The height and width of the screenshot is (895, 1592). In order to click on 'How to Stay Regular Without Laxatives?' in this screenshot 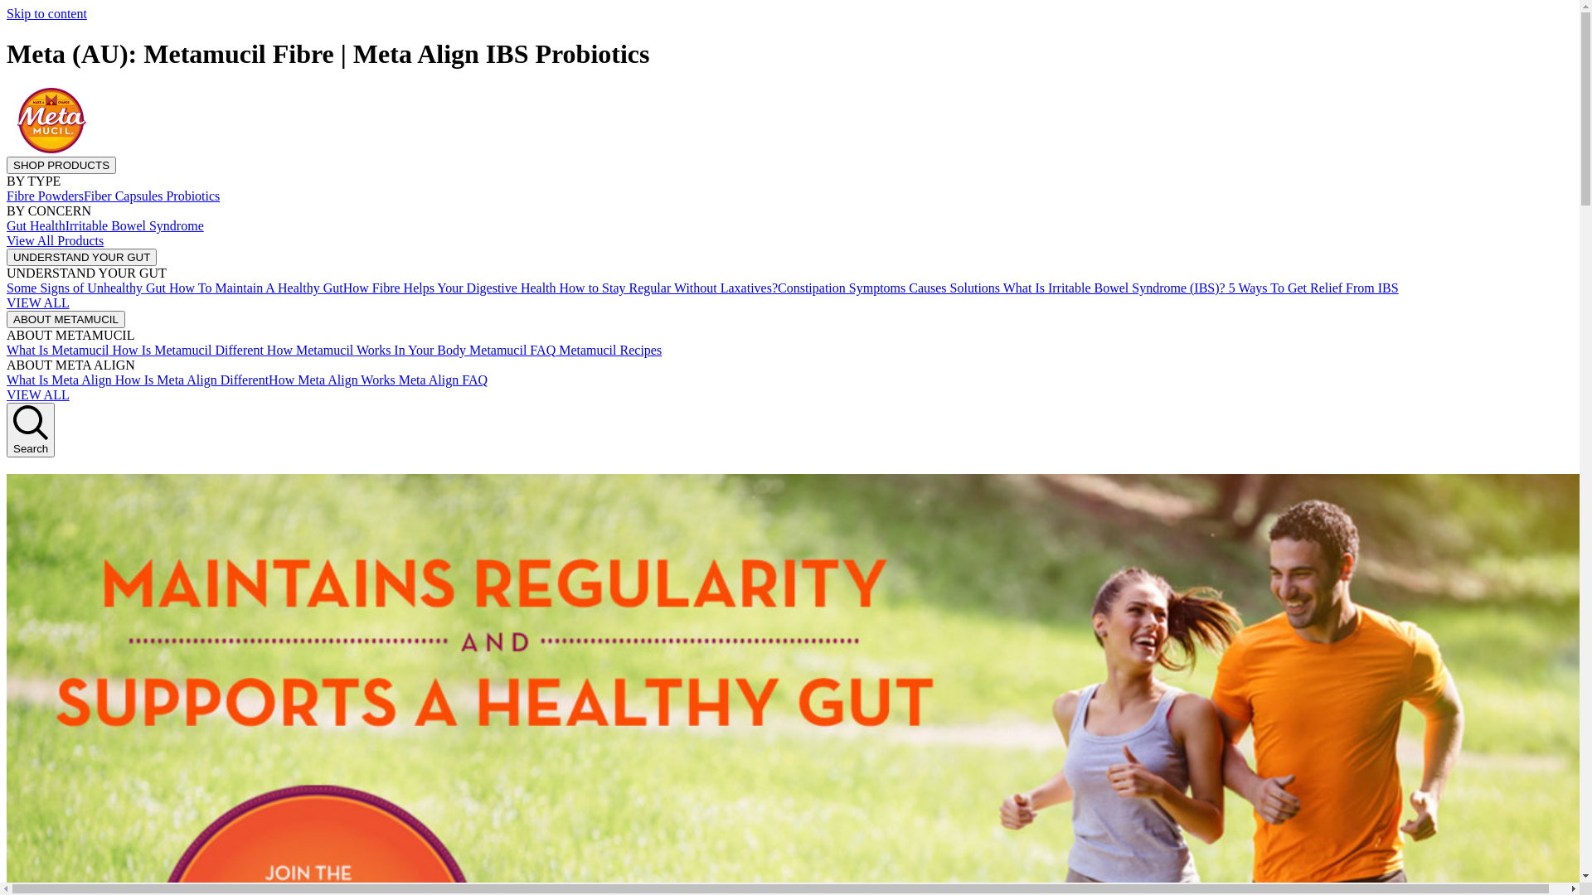, I will do `click(667, 287)`.